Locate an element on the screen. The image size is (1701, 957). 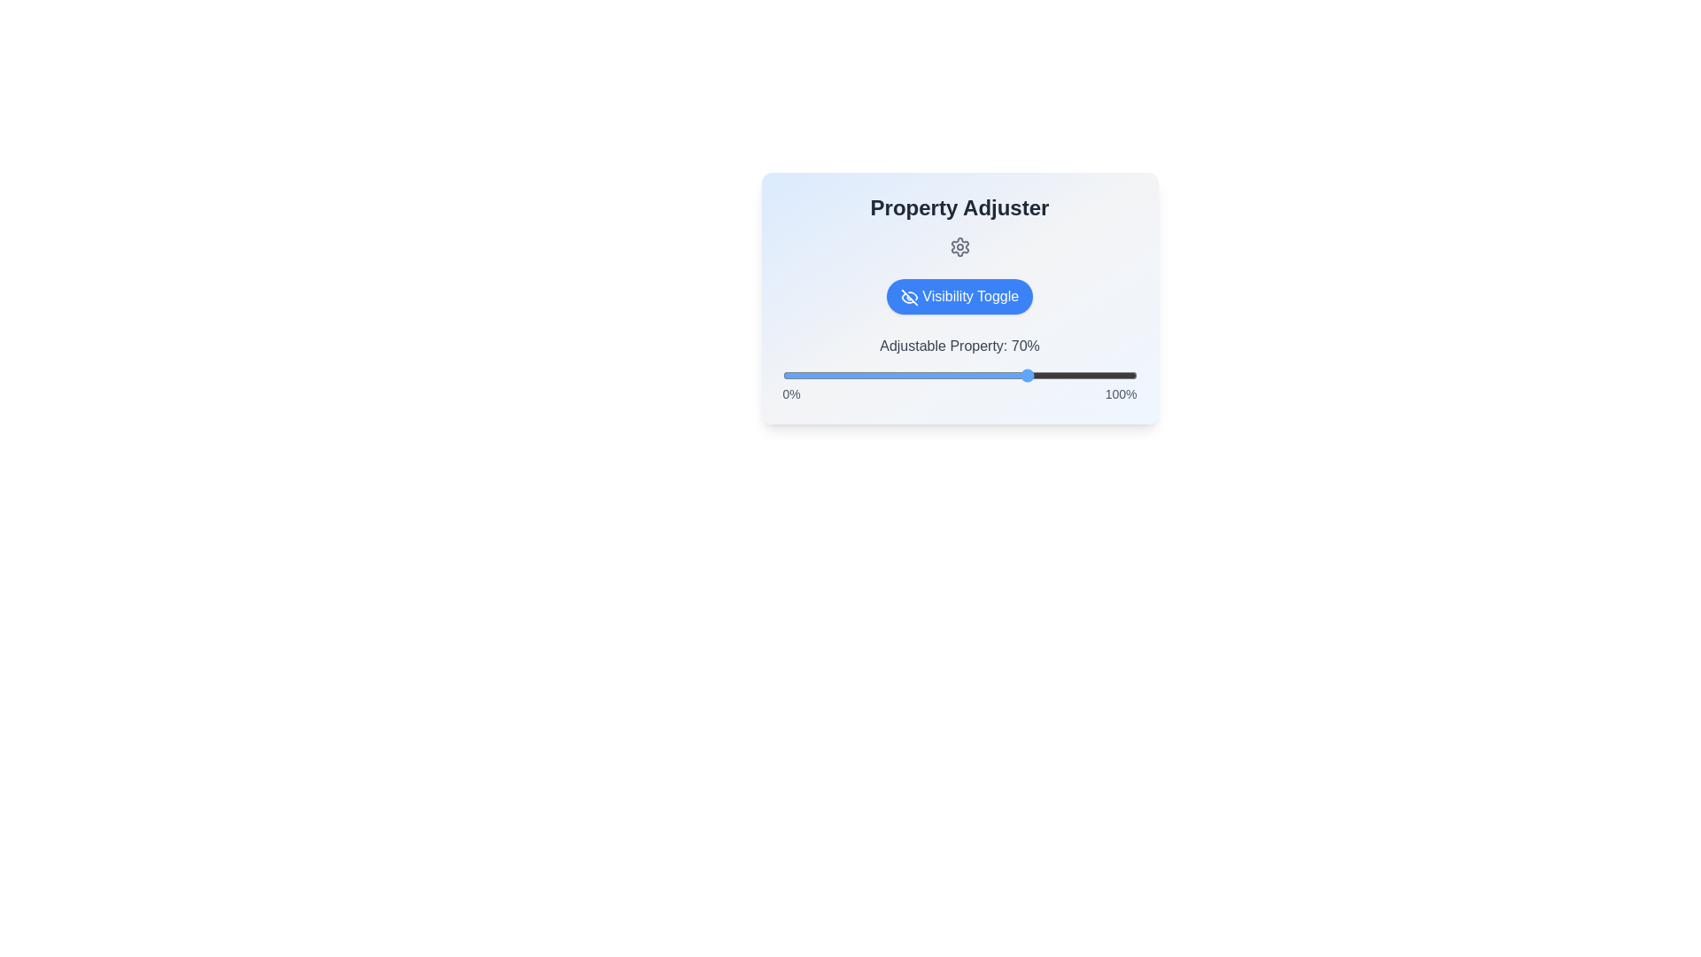
the property value to 85% by interacting with the slider is located at coordinates (1083, 375).